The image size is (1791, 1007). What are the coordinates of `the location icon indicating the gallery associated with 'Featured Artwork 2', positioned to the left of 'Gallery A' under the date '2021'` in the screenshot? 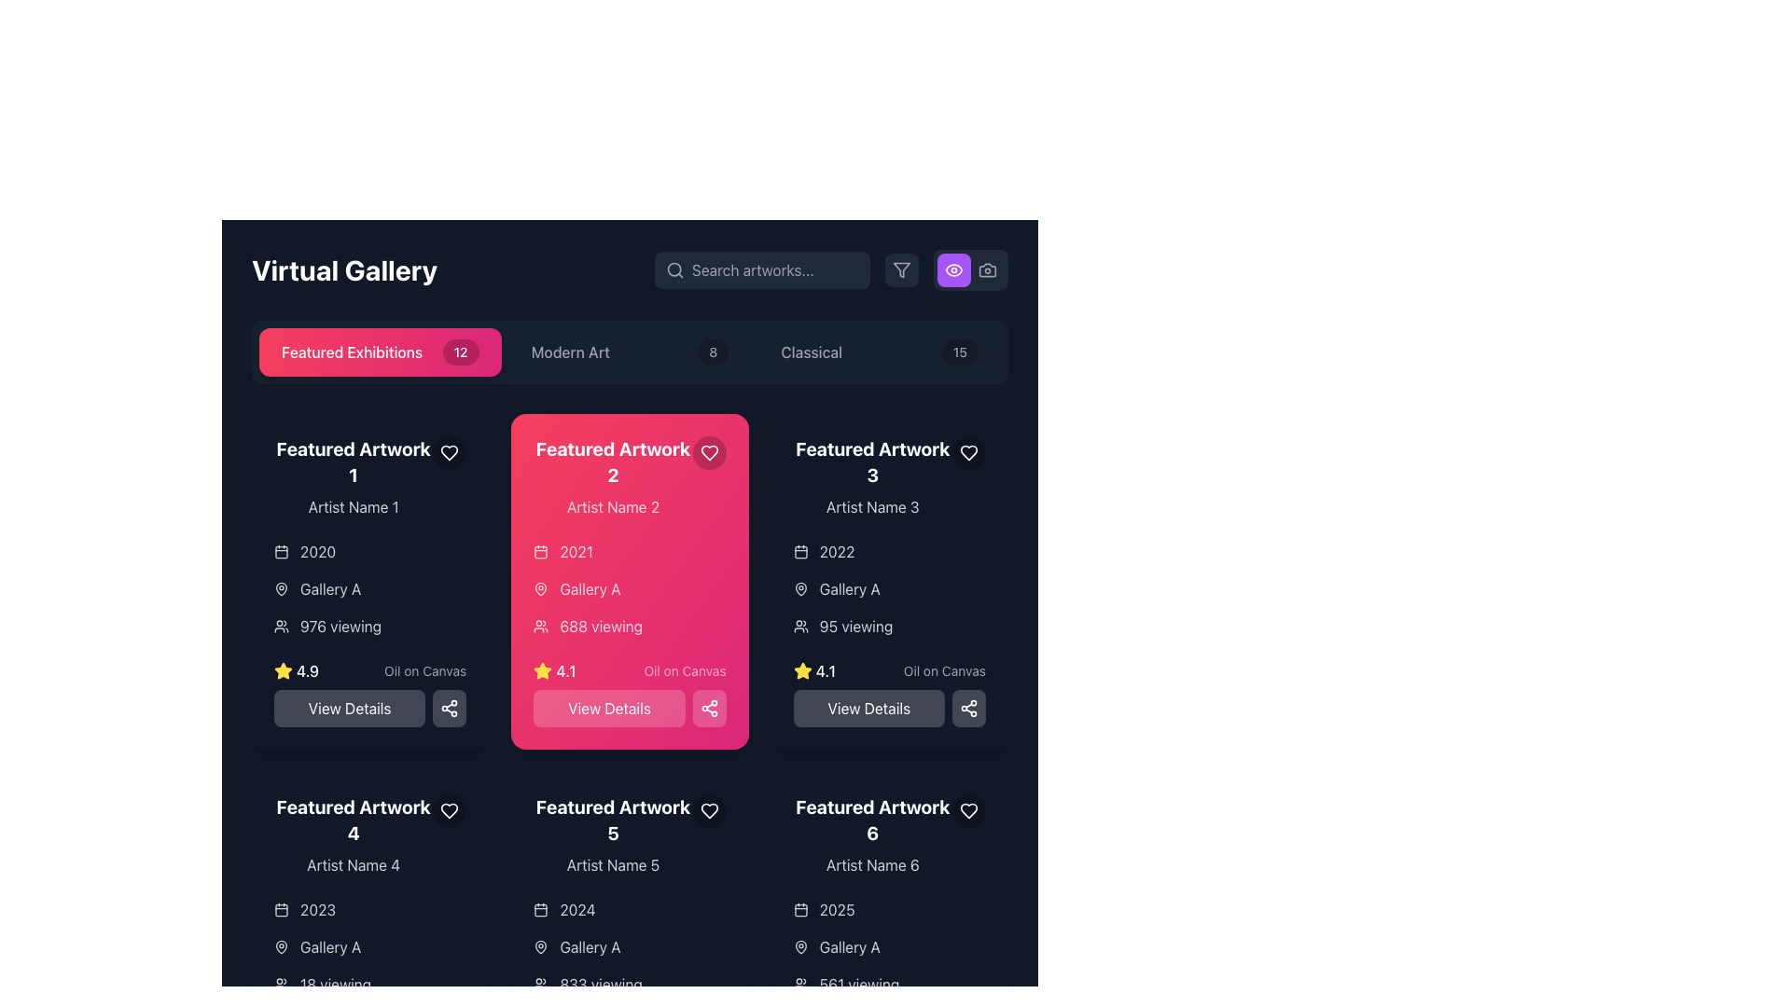 It's located at (800, 589).